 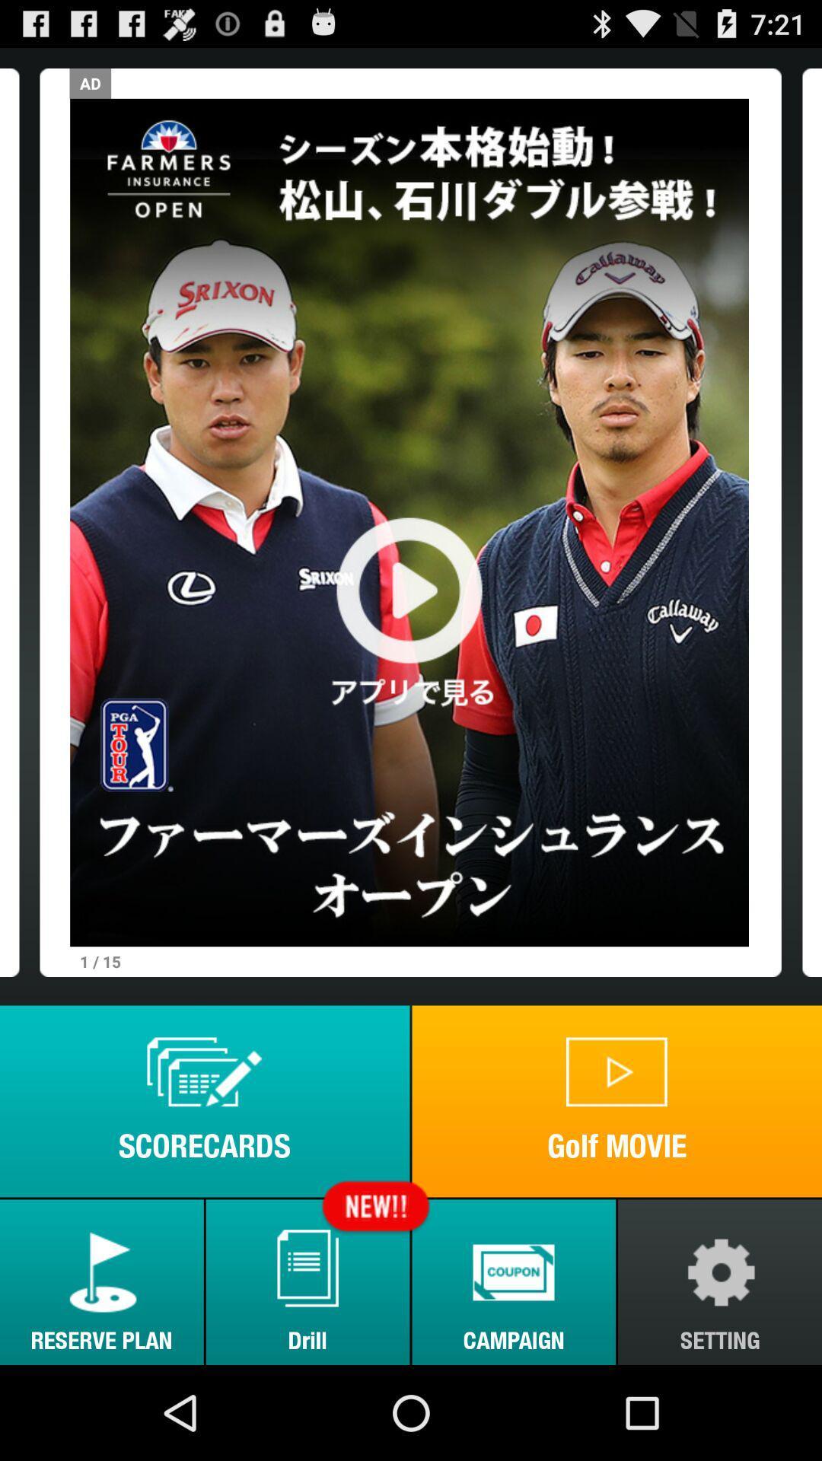 I want to click on the campaign button, so click(x=514, y=1281).